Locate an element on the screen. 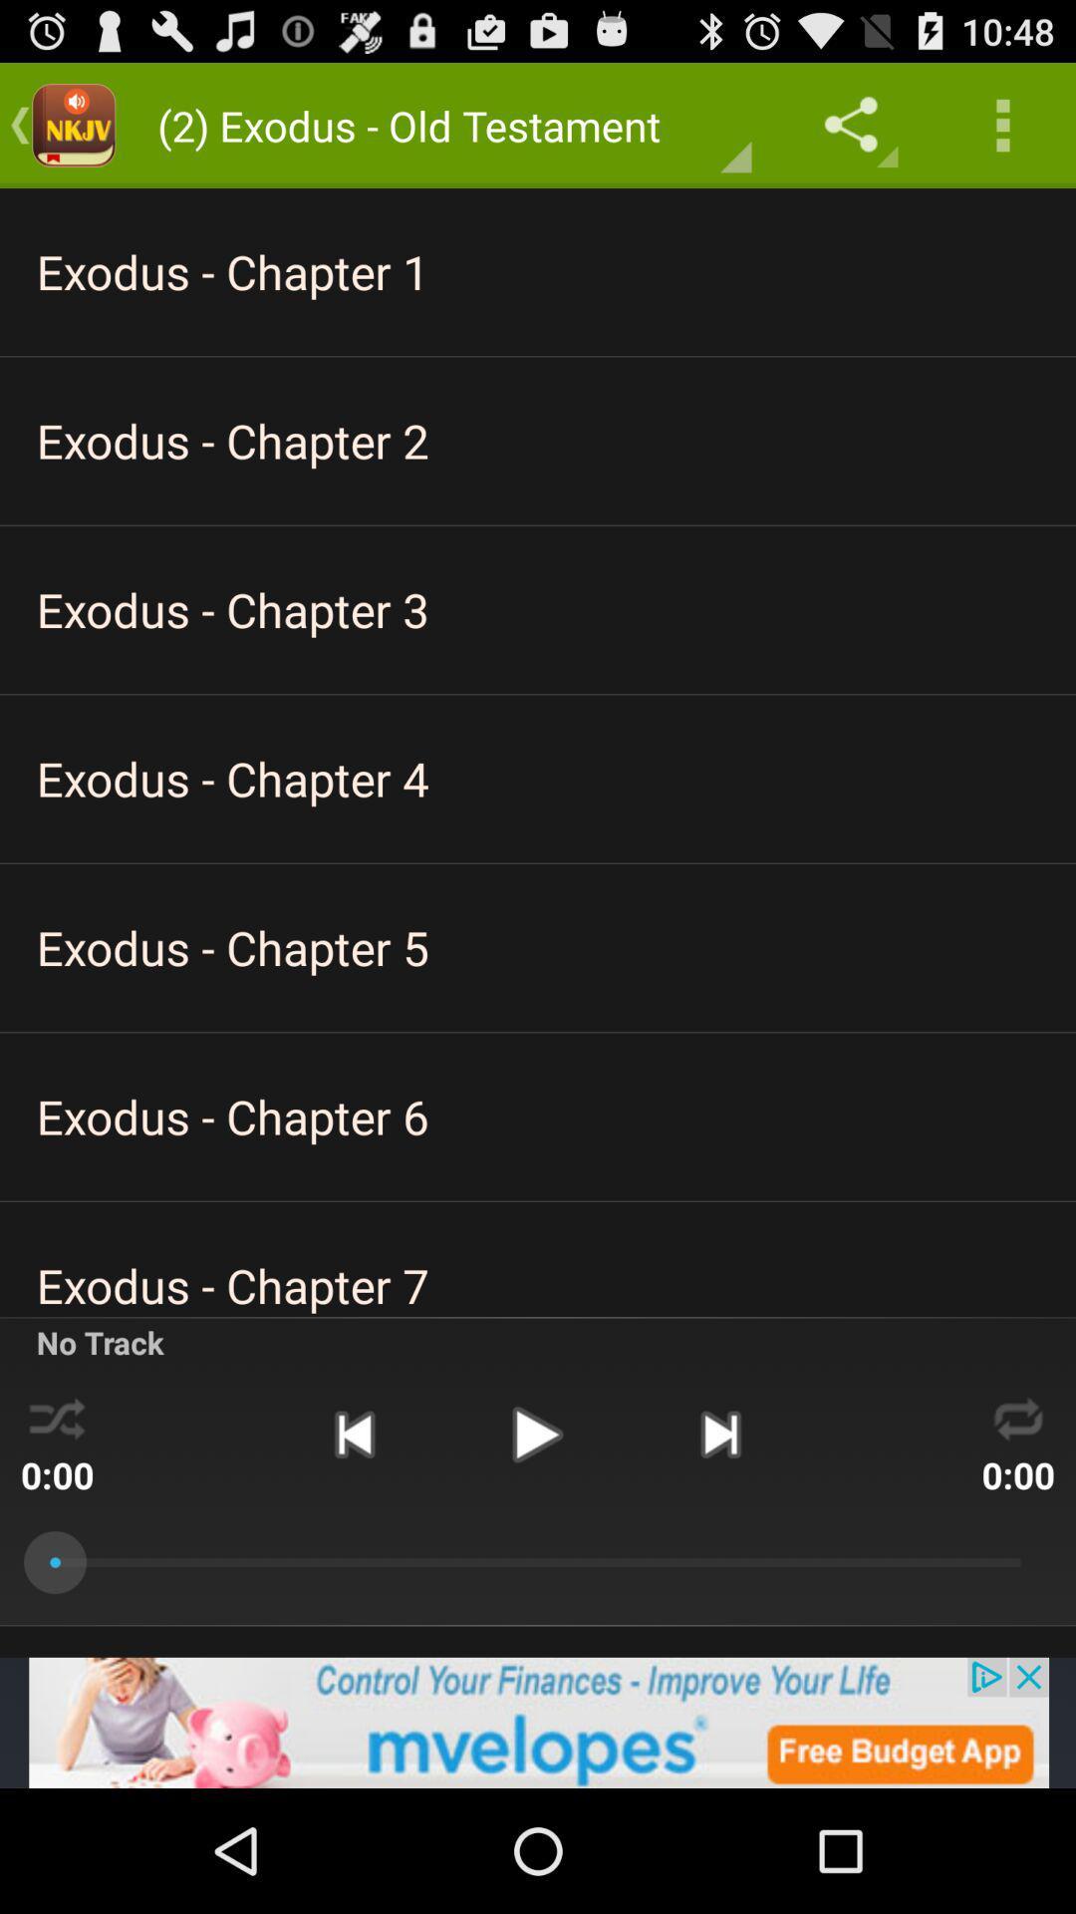 Image resolution: width=1076 pixels, height=1914 pixels. 2 exodus  old testament is located at coordinates (443, 124).